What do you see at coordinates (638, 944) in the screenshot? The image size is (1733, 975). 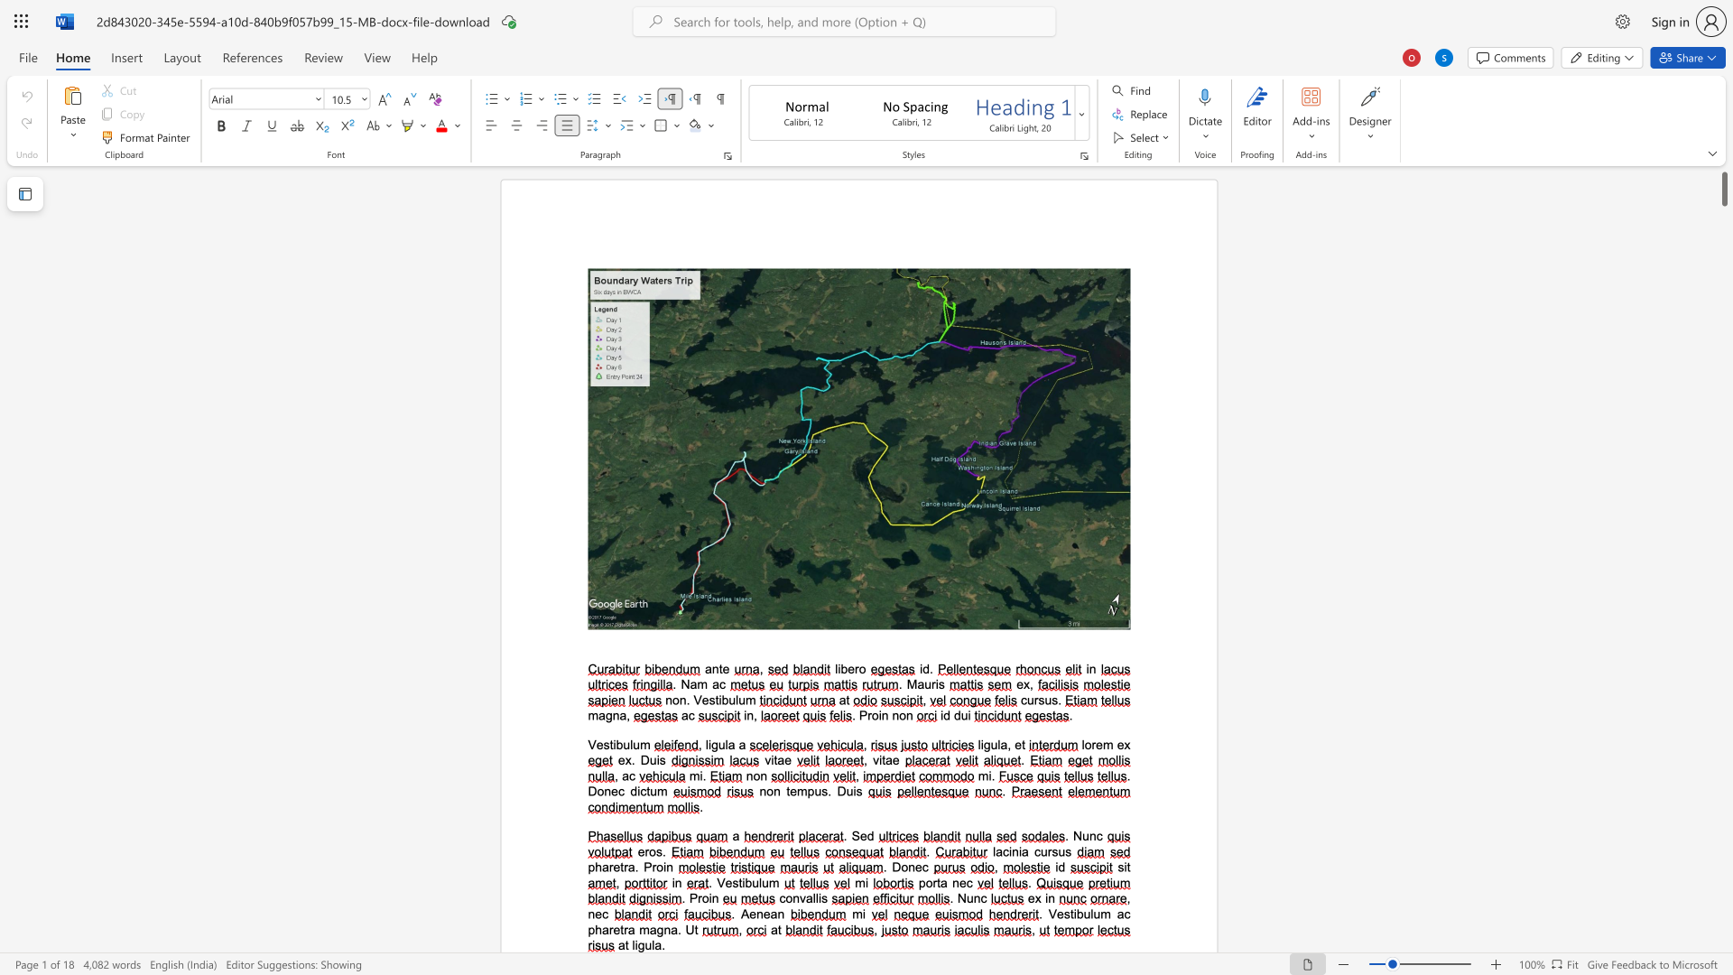 I see `the space between the continuous character "i" and "g" in the text` at bounding box center [638, 944].